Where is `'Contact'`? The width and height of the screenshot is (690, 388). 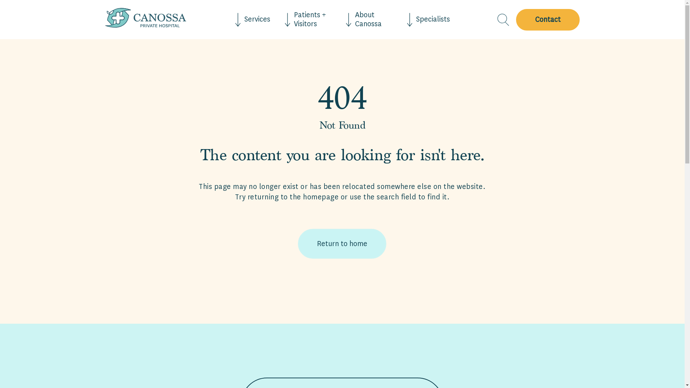
'Contact' is located at coordinates (546, 19).